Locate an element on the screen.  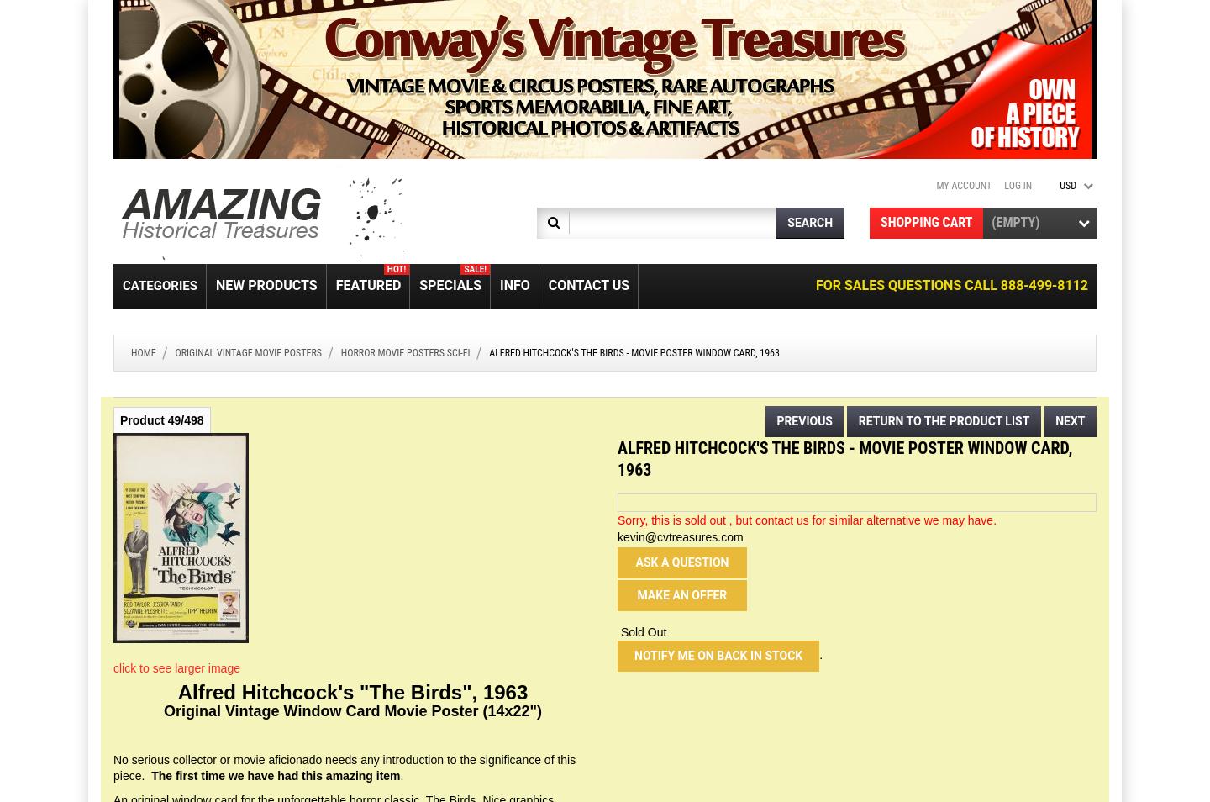
'Sold Out' is located at coordinates (642, 632).